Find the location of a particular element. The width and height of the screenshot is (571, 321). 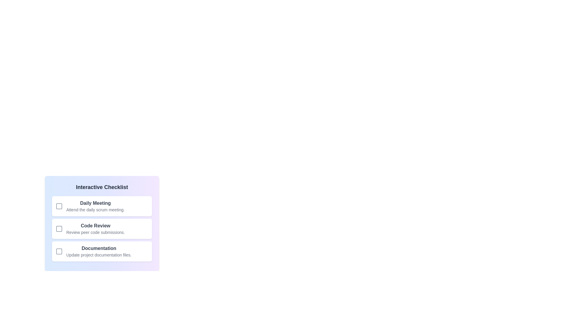

the 'Documentation' text label, which is styled in bold and dark gray, located in the third item of a vertical checklist structure, positioned above the subtitle 'Update project documentation files.' is located at coordinates (99, 248).